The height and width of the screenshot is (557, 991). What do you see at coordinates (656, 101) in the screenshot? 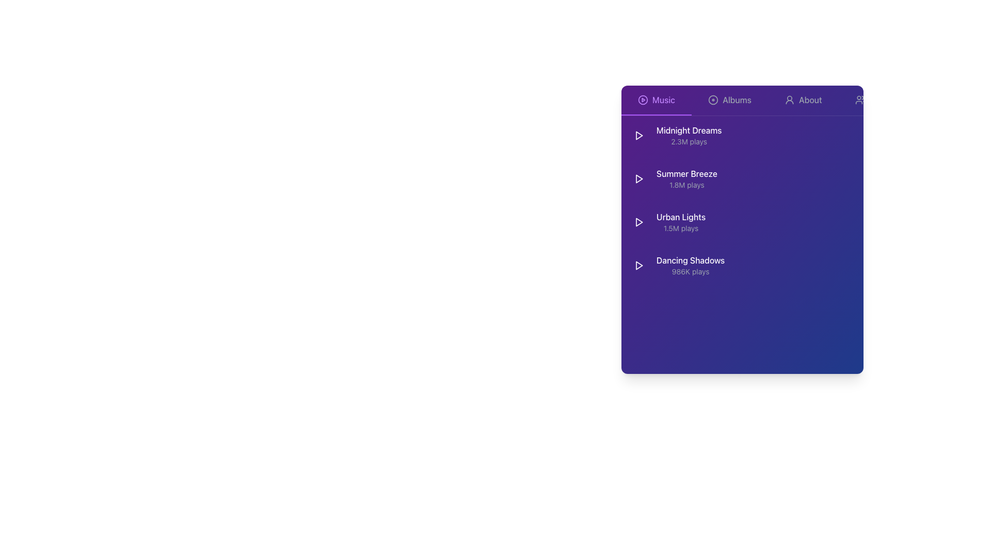
I see `the 'Music' tab button, which is the first tab in the navigation bar, featuring a circular play icon and purple text indicating its active state` at bounding box center [656, 101].